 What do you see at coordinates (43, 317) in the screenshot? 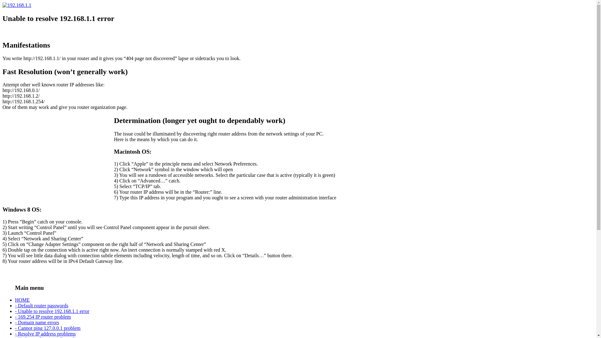
I see `'- 169.254 IP router problem'` at bounding box center [43, 317].